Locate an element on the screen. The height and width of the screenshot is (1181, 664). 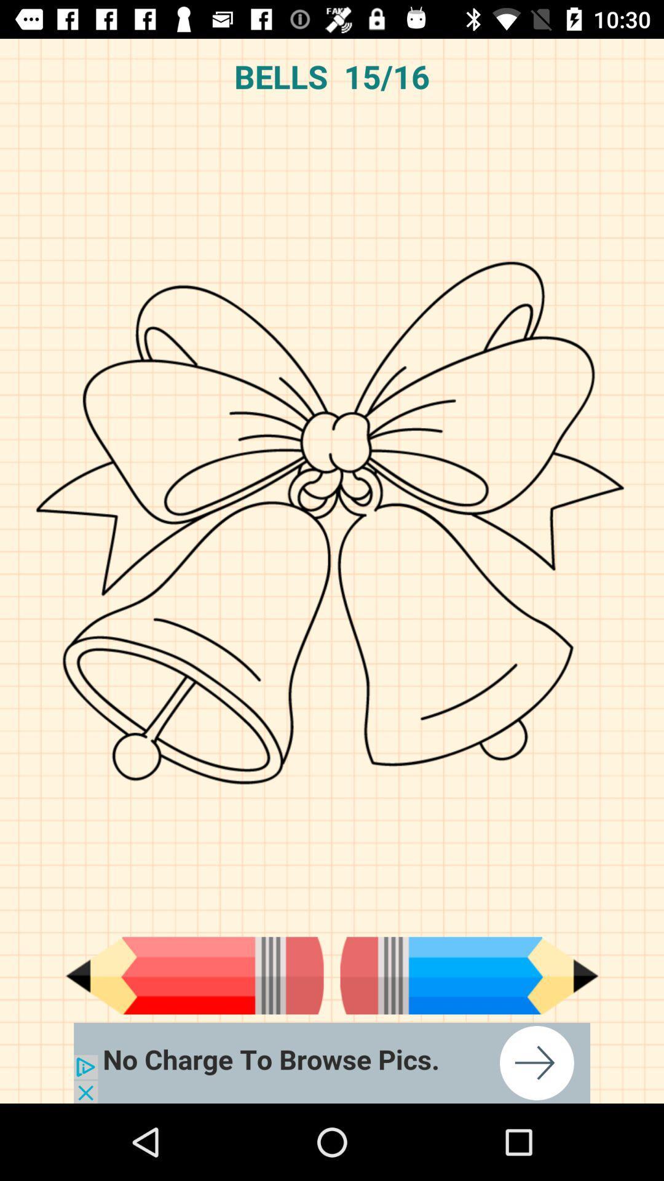
go forward is located at coordinates (469, 975).